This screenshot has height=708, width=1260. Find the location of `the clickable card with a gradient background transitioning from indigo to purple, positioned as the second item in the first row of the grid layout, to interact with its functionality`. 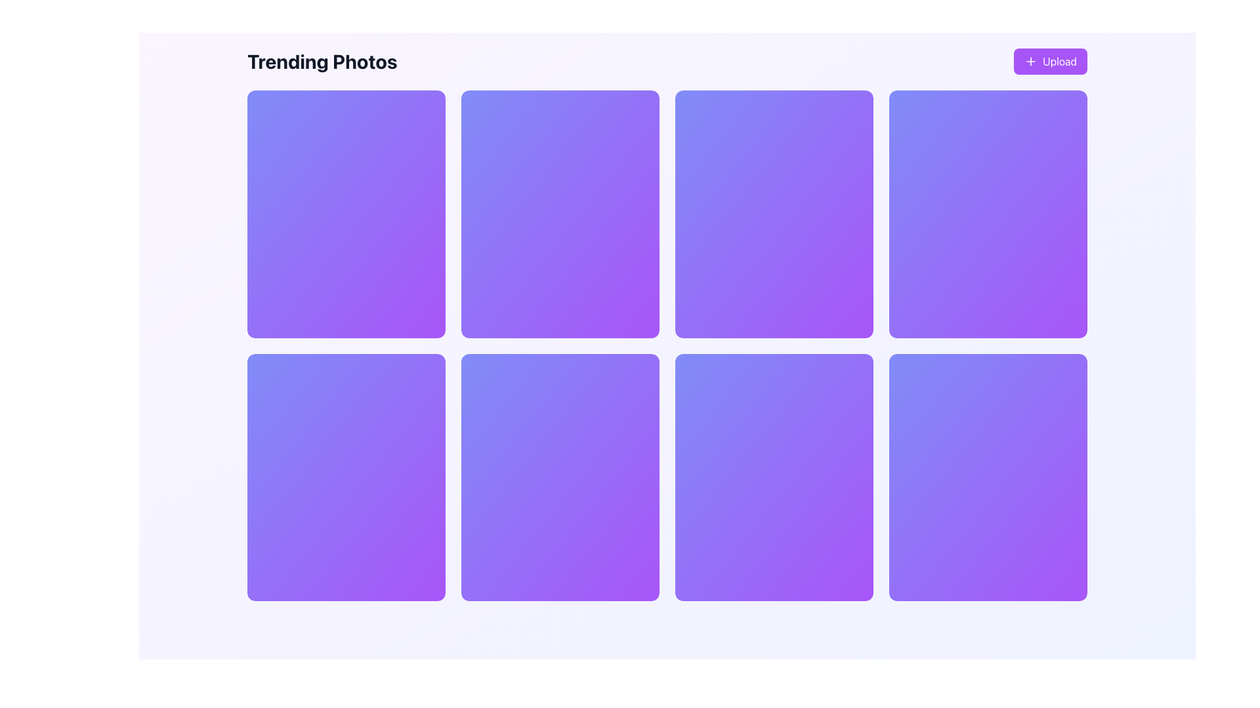

the clickable card with a gradient background transitioning from indigo to purple, positioned as the second item in the first row of the grid layout, to interact with its functionality is located at coordinates (560, 213).